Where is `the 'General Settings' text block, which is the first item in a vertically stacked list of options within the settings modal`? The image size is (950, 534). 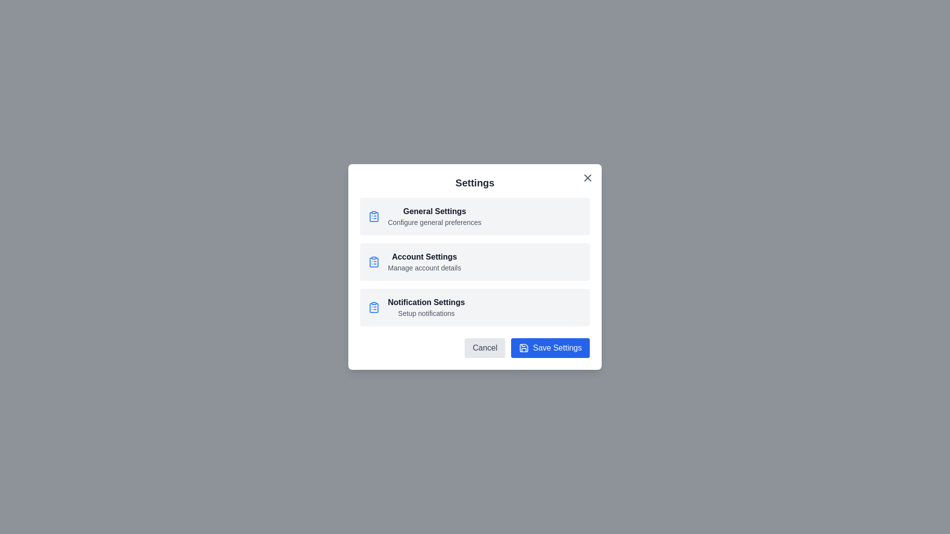
the 'General Settings' text block, which is the first item in a vertically stacked list of options within the settings modal is located at coordinates (434, 216).